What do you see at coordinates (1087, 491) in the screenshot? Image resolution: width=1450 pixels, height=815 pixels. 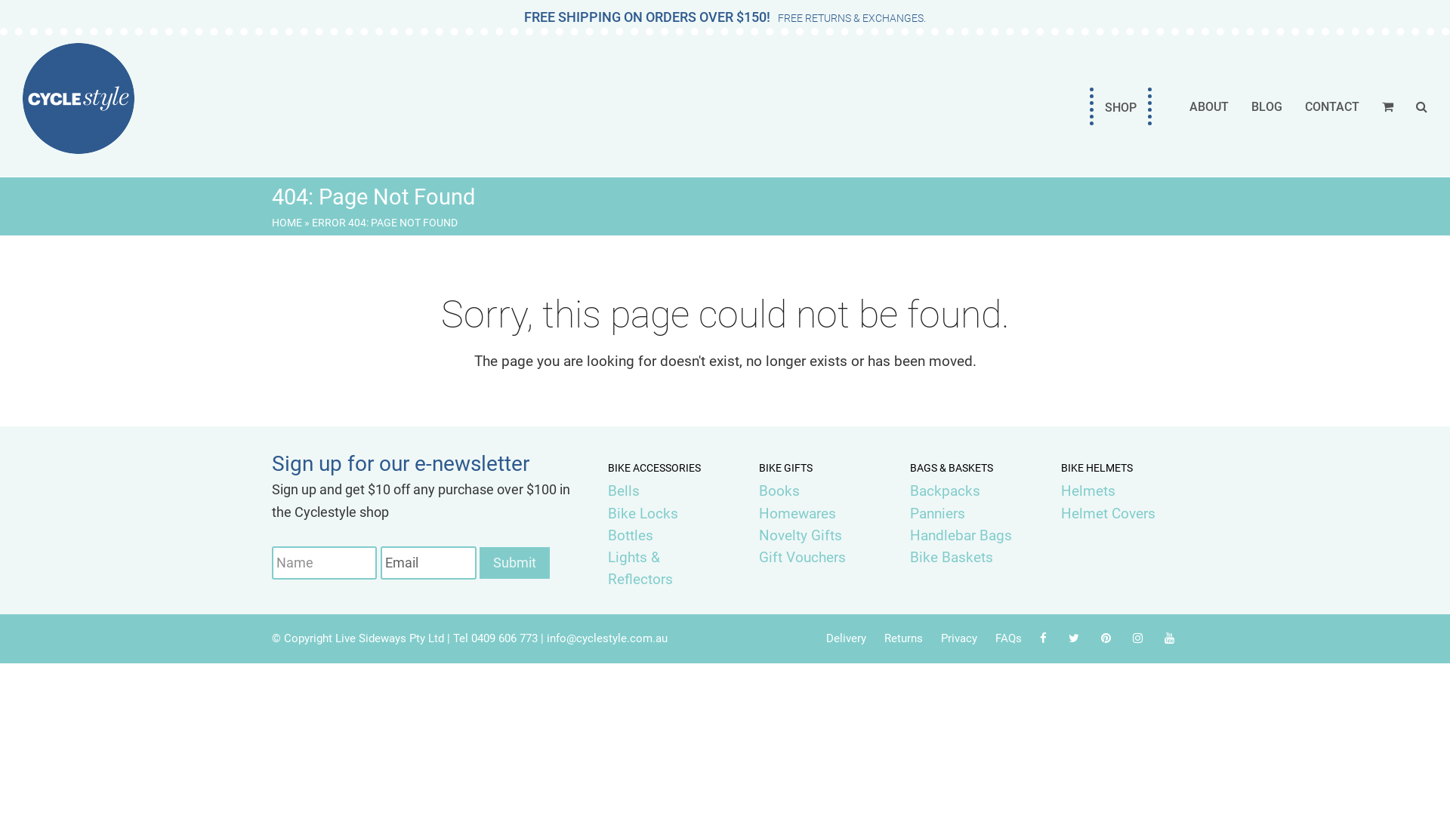 I see `'Helmets'` at bounding box center [1087, 491].